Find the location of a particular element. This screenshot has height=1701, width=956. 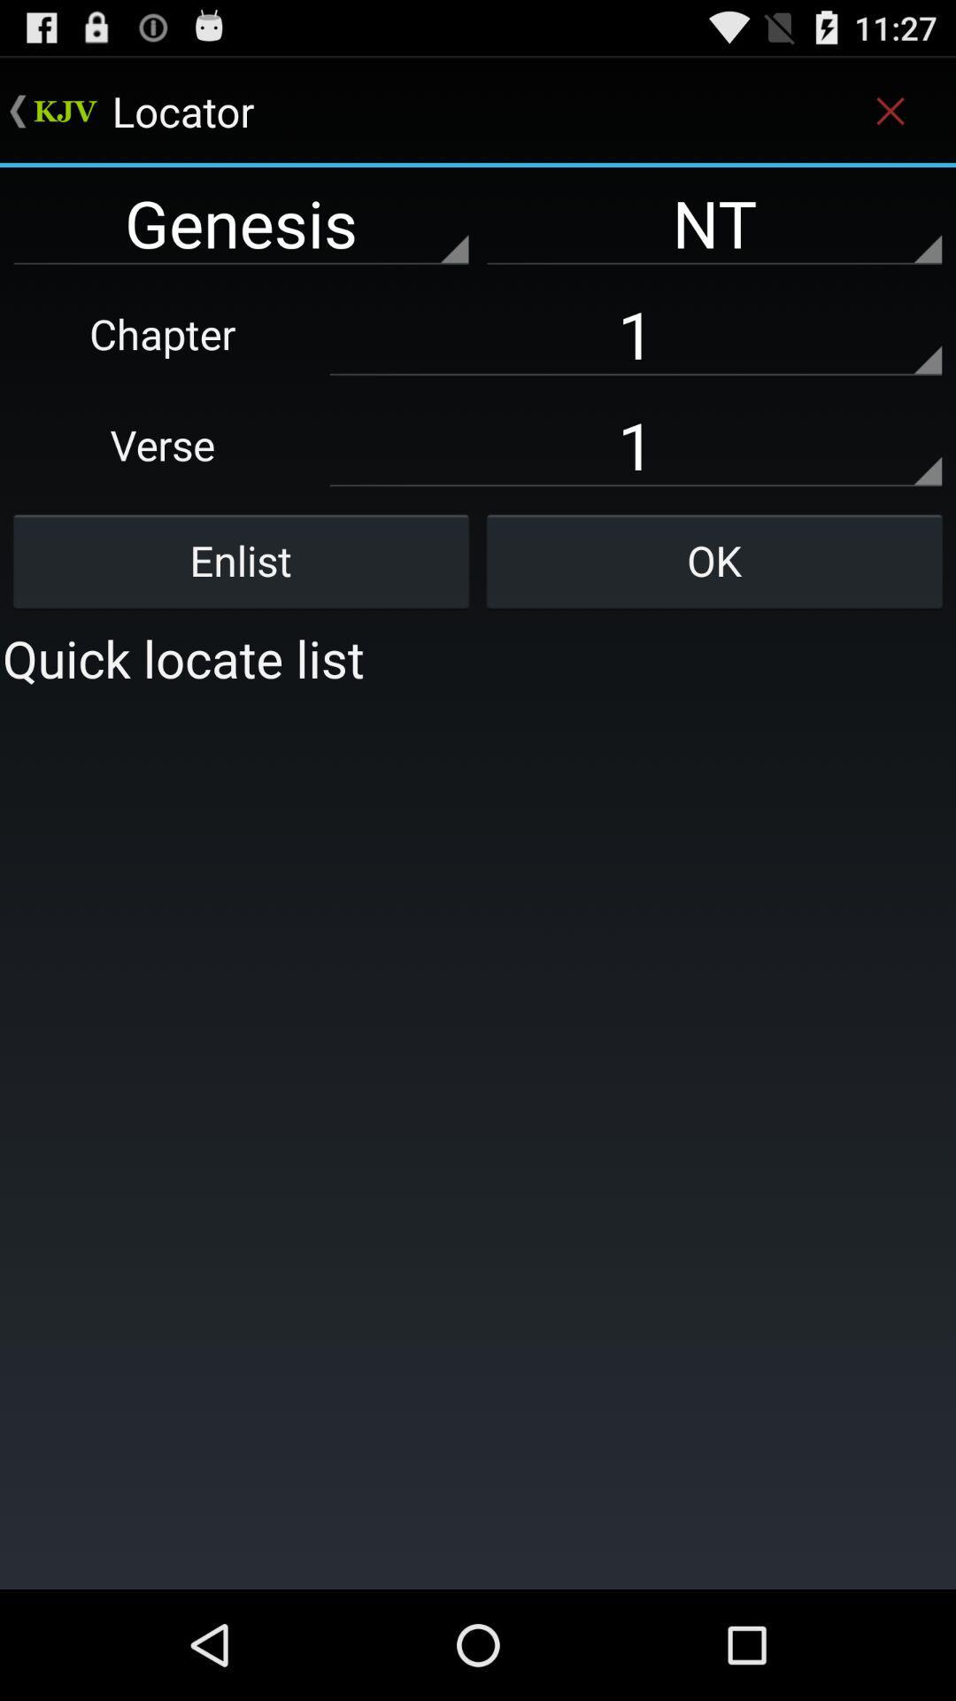

the text box beside of genesis is located at coordinates (713, 221).